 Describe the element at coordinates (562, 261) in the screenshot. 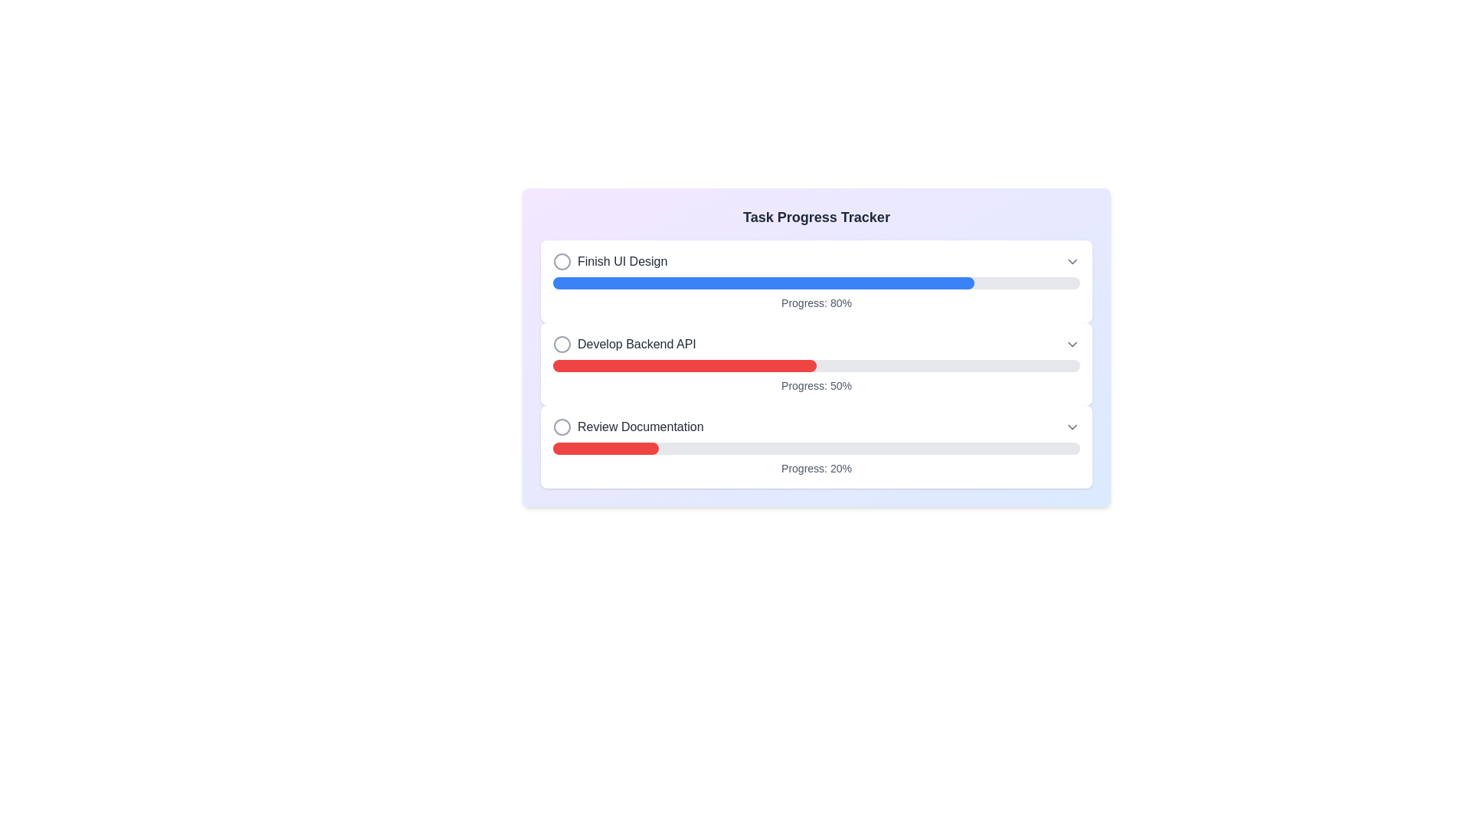

I see `the gray circular icon located to the left of the 'Finish UI Design' text` at that location.